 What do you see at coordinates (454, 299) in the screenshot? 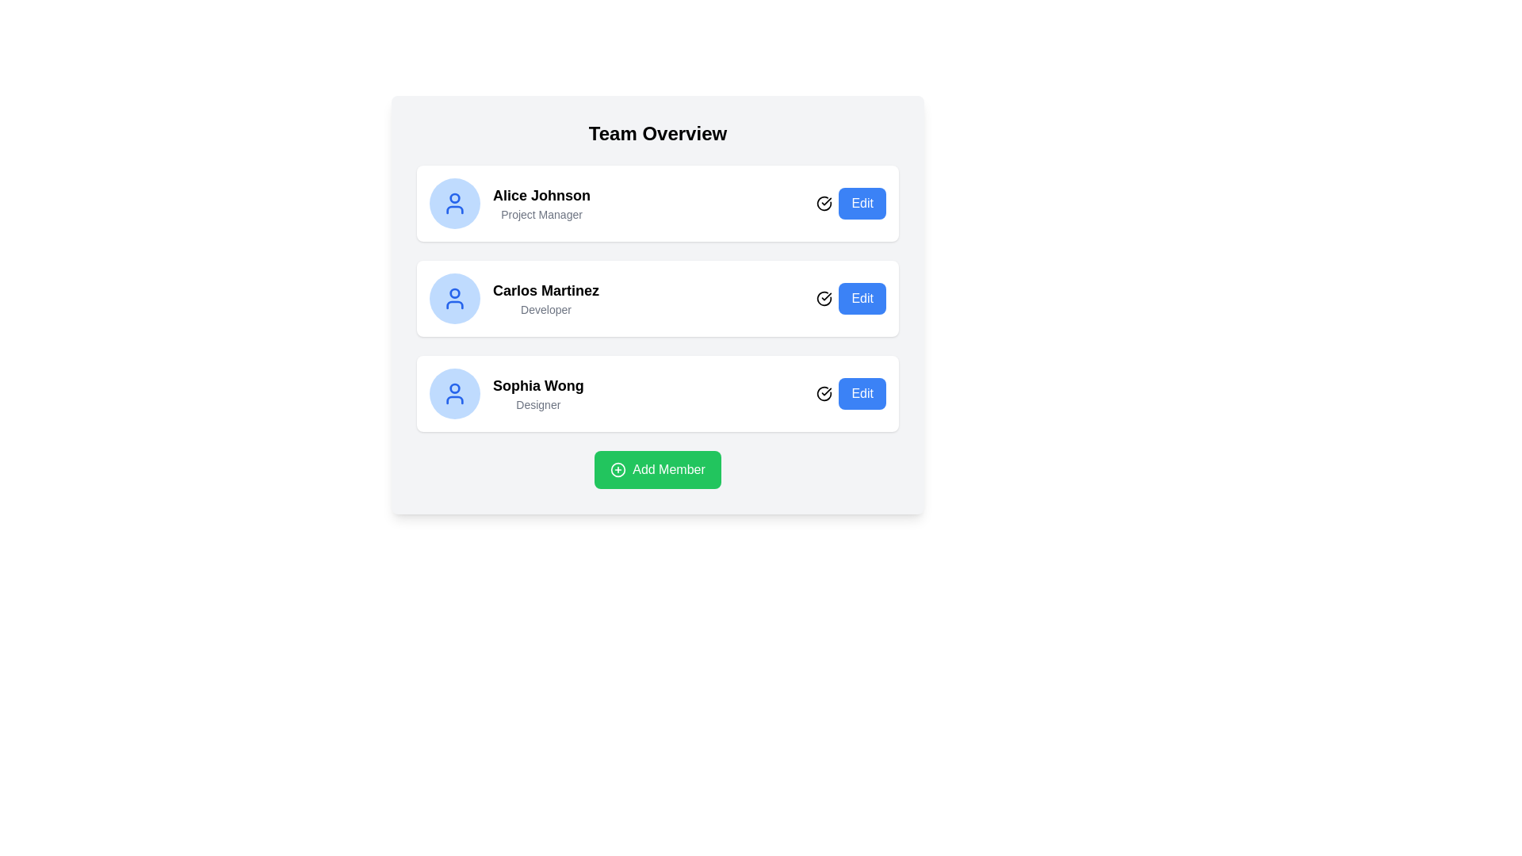
I see `the user profile icon next to the name 'Carlos Martinez' in the middle row of the user profiles list` at bounding box center [454, 299].